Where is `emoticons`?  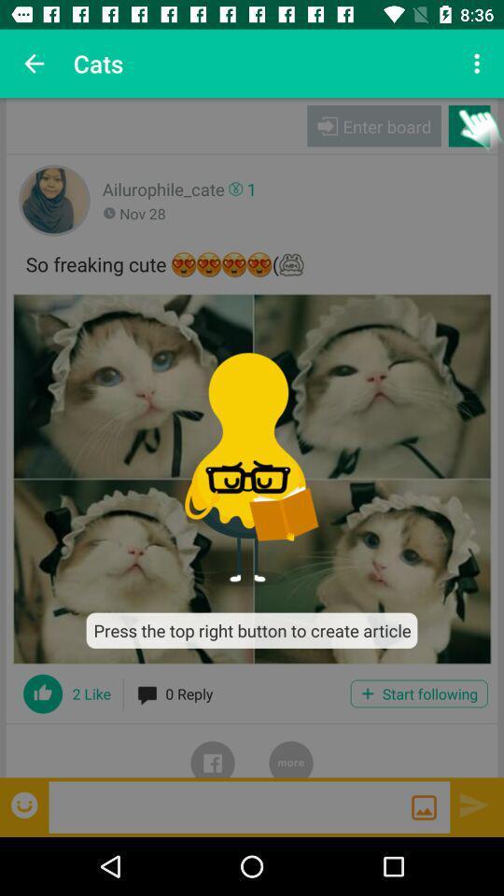 emoticons is located at coordinates (25, 804).